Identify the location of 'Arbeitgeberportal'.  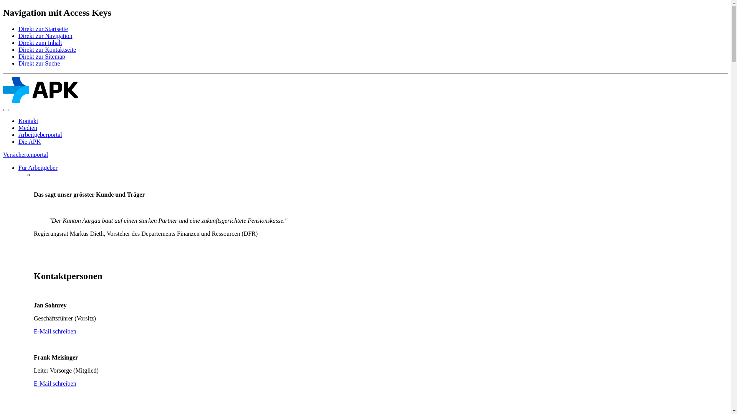
(40, 134).